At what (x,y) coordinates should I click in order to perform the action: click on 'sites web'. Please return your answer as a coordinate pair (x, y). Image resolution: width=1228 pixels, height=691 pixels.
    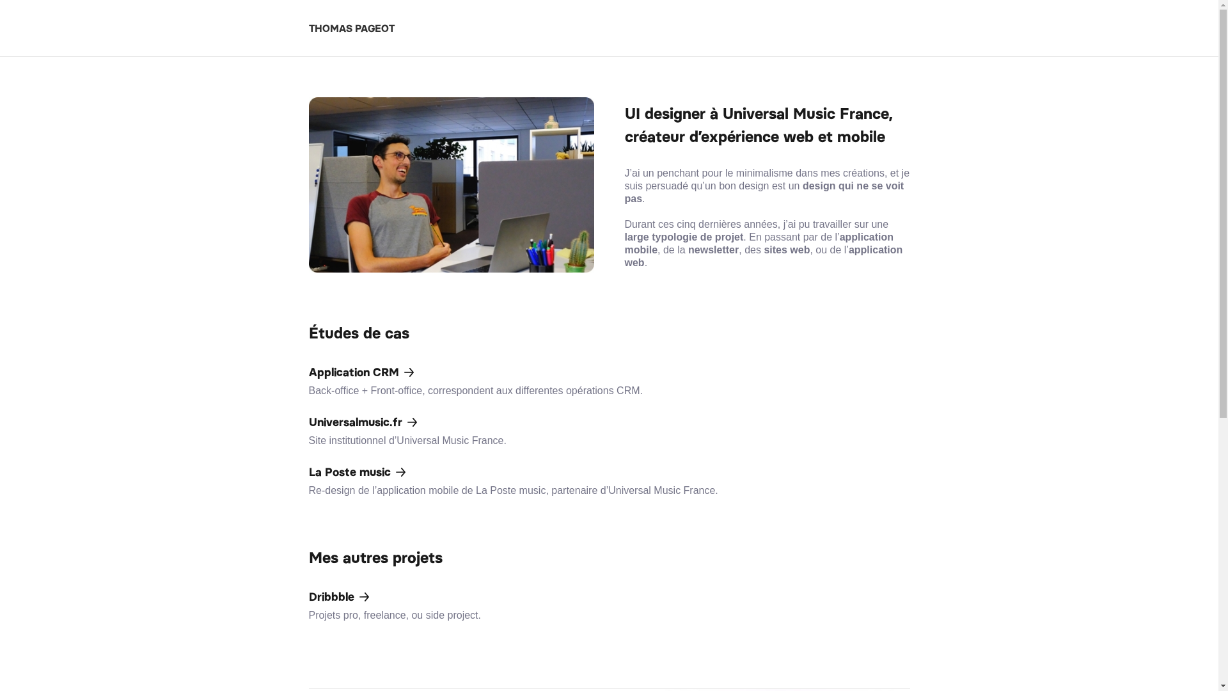
    Looking at the image, I should click on (785, 250).